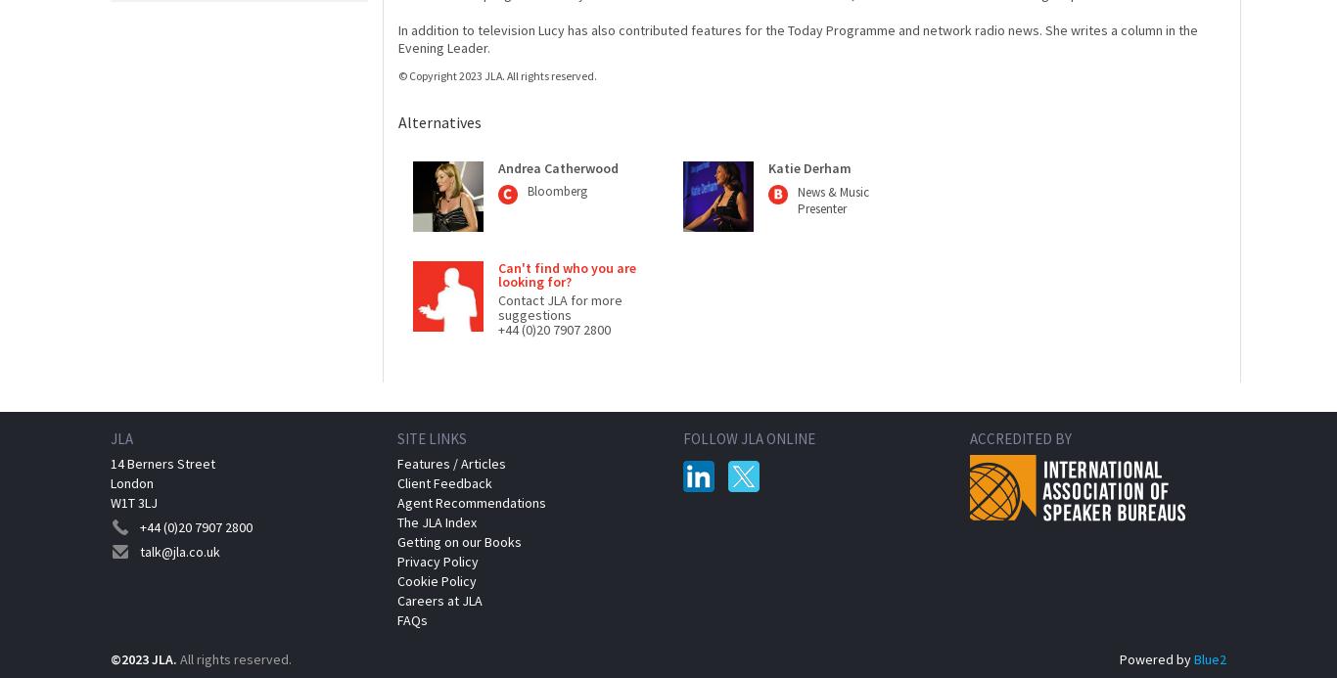 The height and width of the screenshot is (678, 1337). I want to click on 'Careers at JLA', so click(438, 600).